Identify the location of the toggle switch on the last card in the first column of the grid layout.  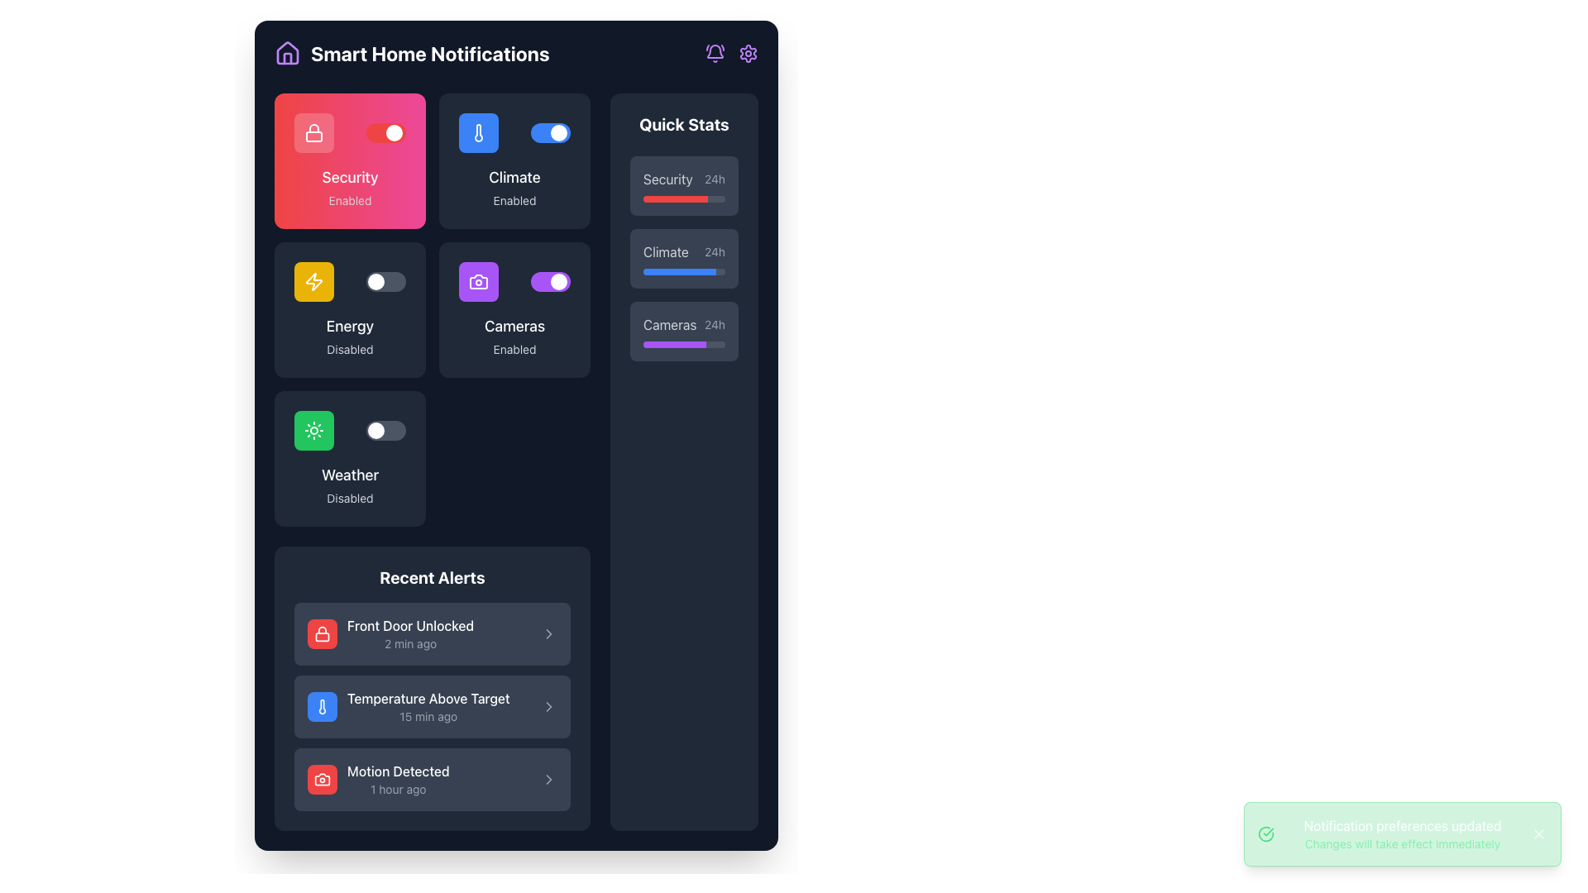
(349, 459).